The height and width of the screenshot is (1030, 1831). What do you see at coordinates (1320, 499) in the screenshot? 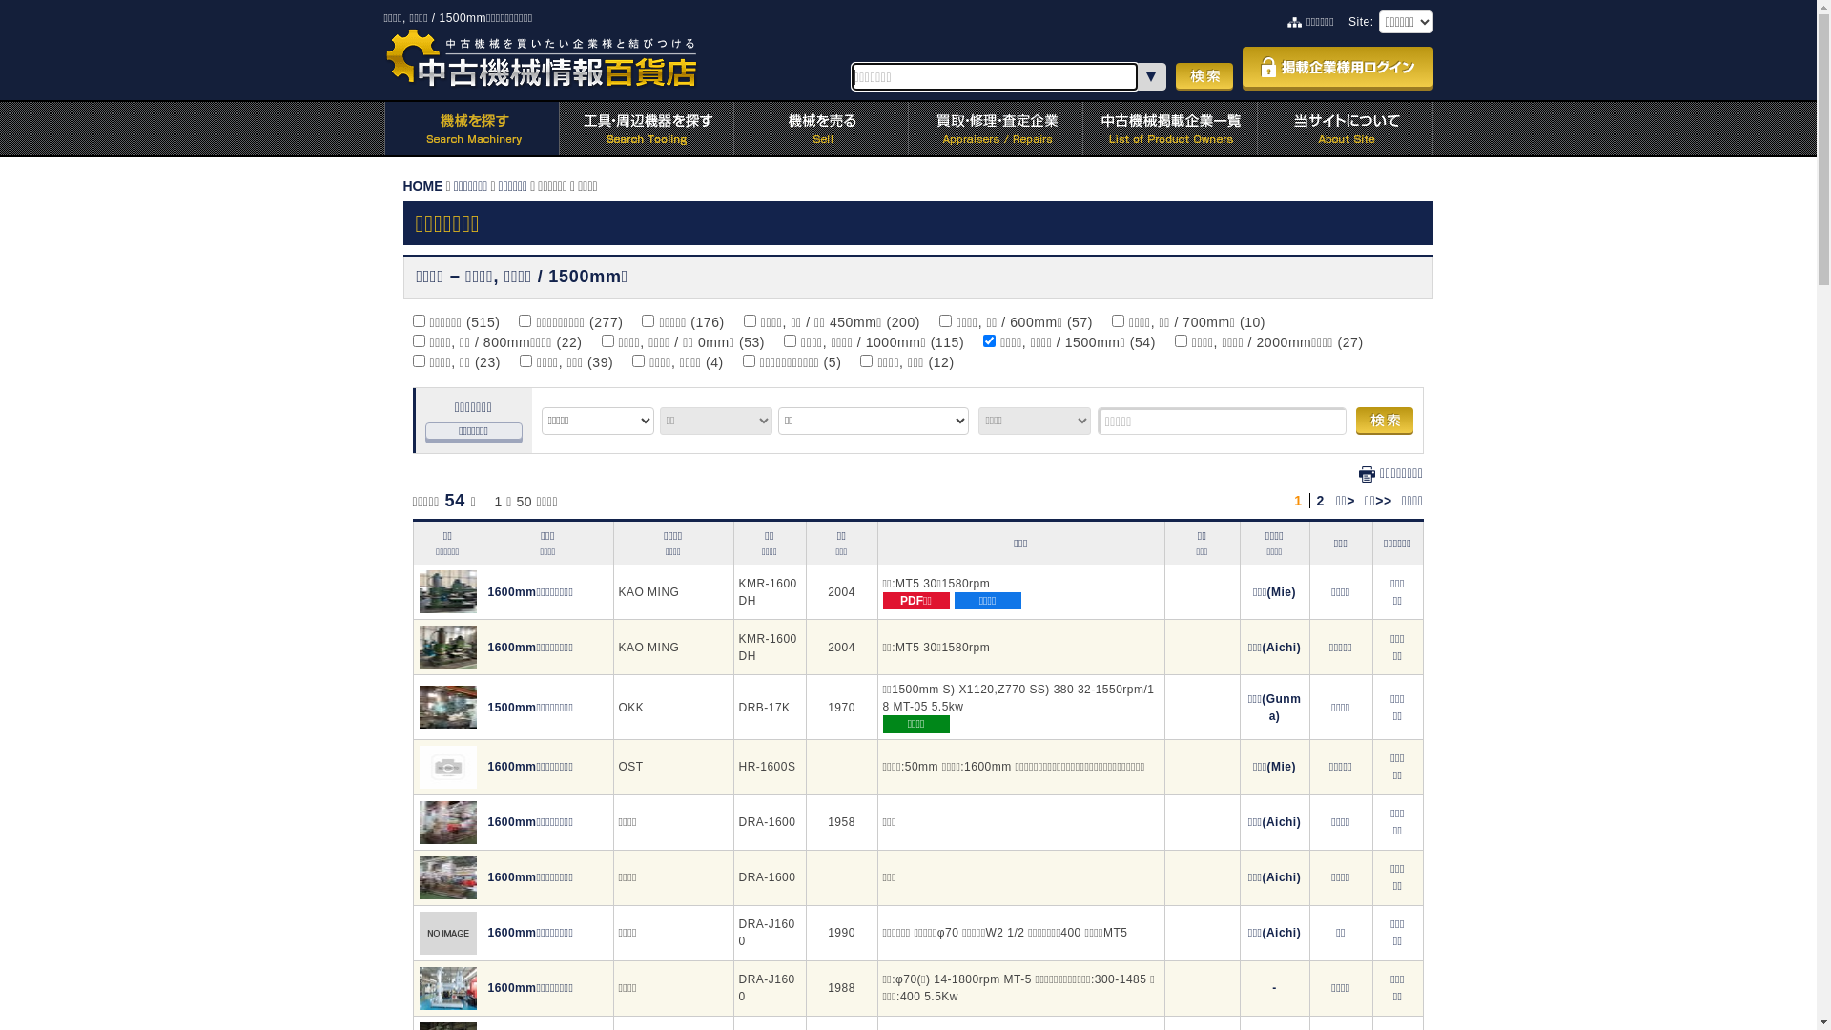
I see `'2'` at bounding box center [1320, 499].